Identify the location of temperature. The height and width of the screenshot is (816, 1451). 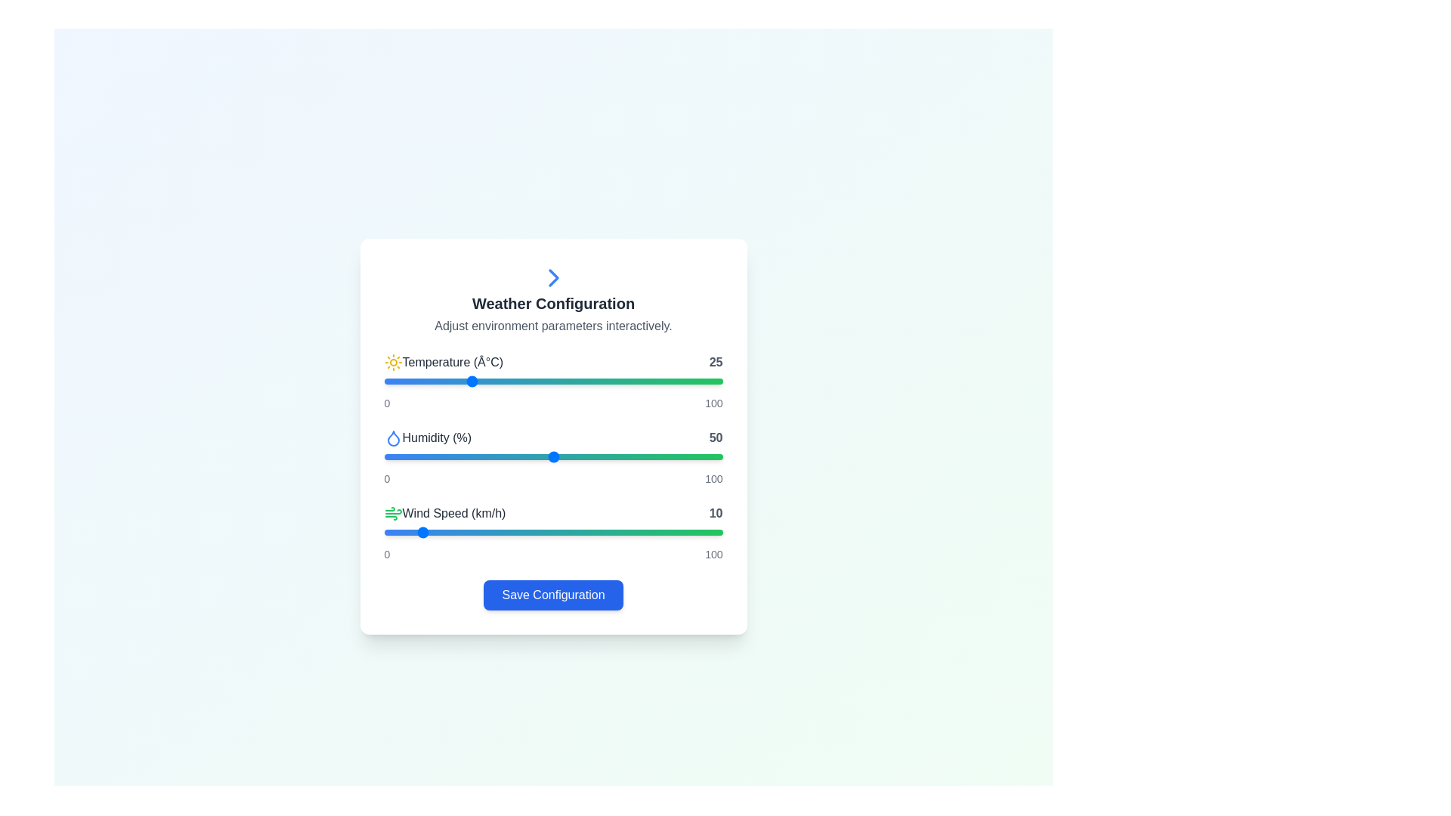
(537, 381).